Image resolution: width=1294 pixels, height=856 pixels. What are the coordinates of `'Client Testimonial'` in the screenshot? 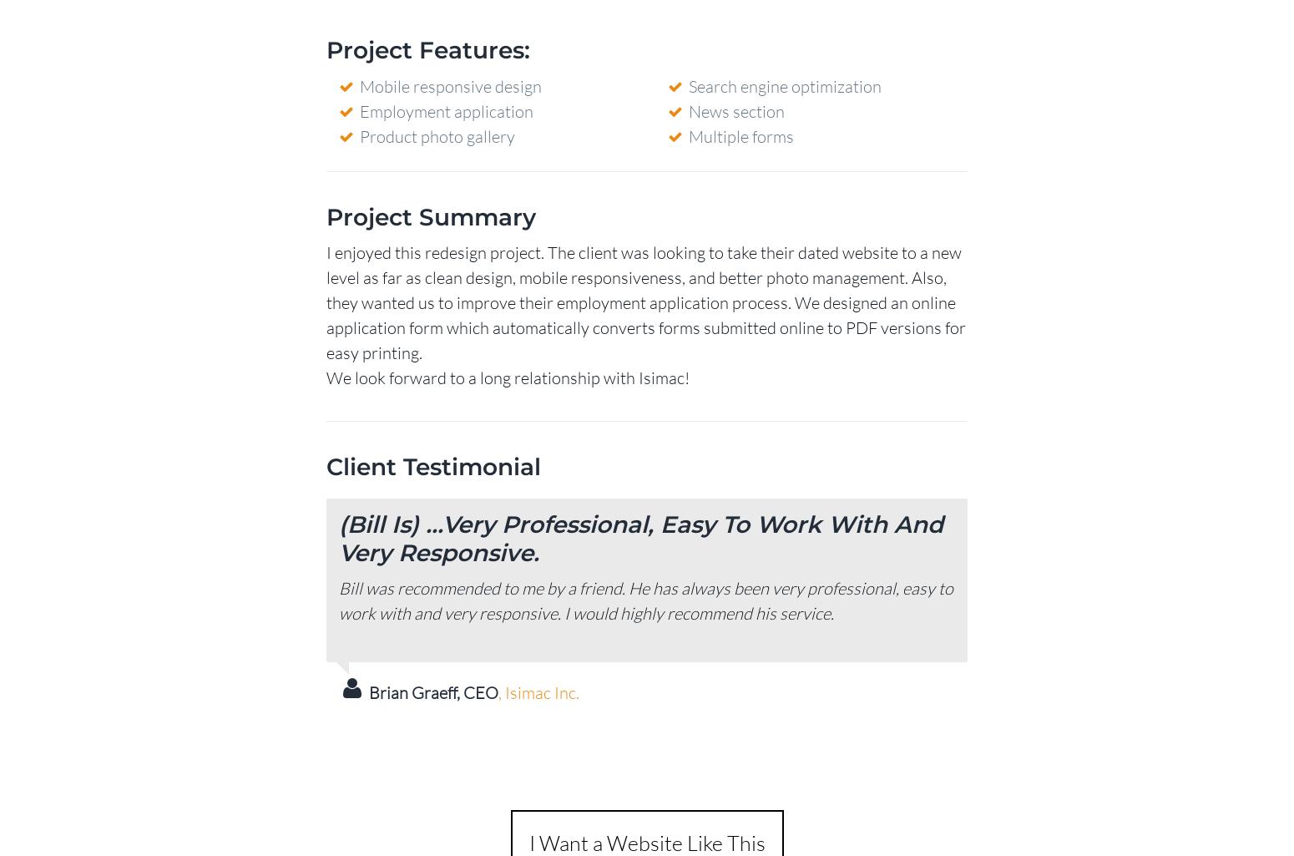 It's located at (432, 465).